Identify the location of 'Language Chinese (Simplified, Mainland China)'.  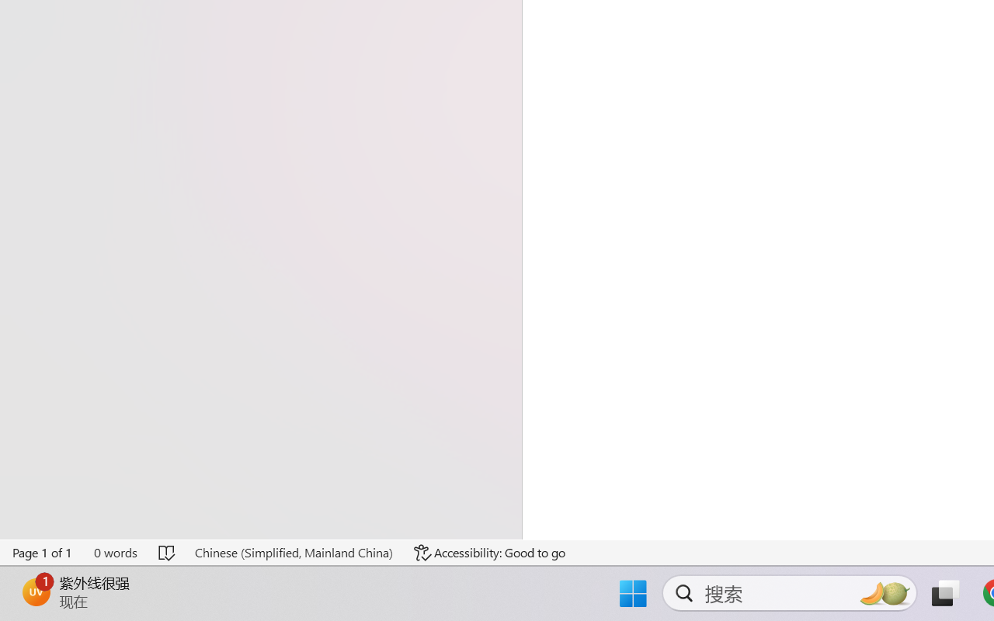
(294, 552).